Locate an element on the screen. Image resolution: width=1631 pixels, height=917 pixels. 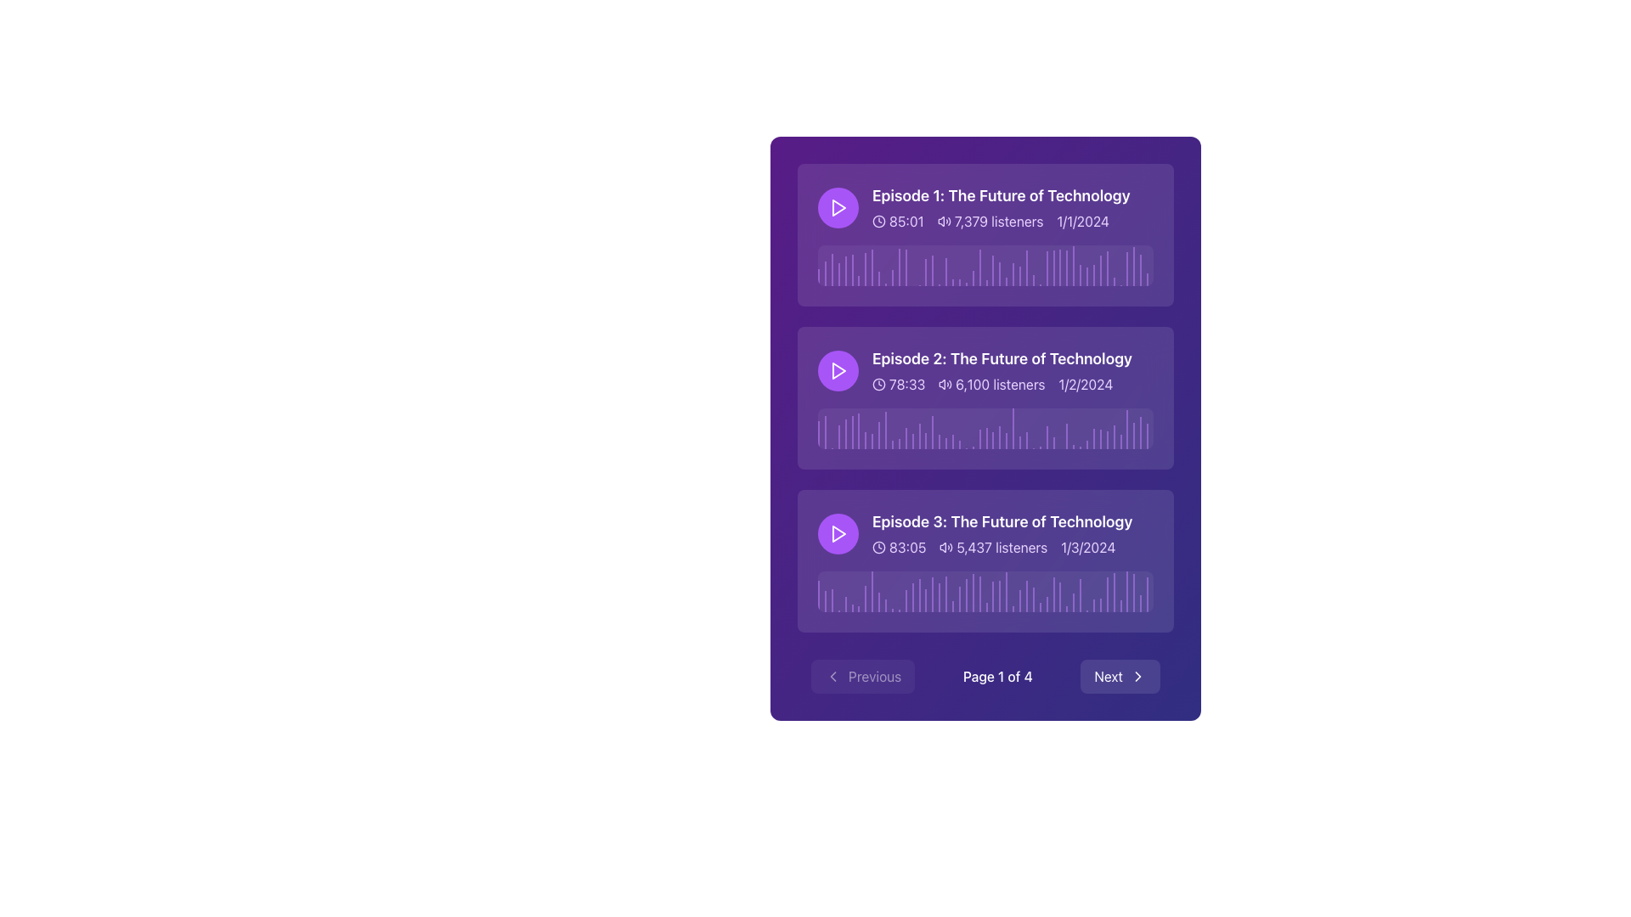
the text display element showing '5,437 listeners' with an audio icon on the left, situated on a dark purple background, part of the row for 'Episode 3: The Future of Technology' is located at coordinates (993, 547).